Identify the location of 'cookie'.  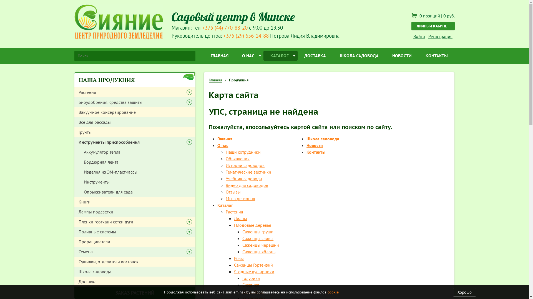
(333, 292).